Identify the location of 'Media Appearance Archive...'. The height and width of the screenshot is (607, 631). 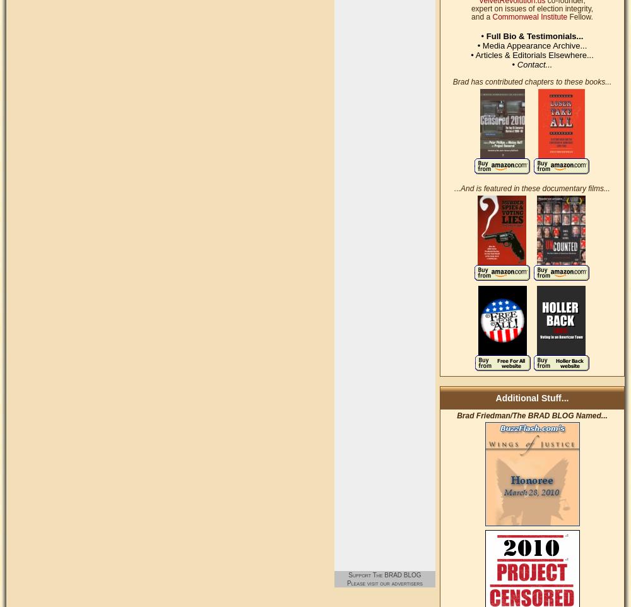
(534, 45).